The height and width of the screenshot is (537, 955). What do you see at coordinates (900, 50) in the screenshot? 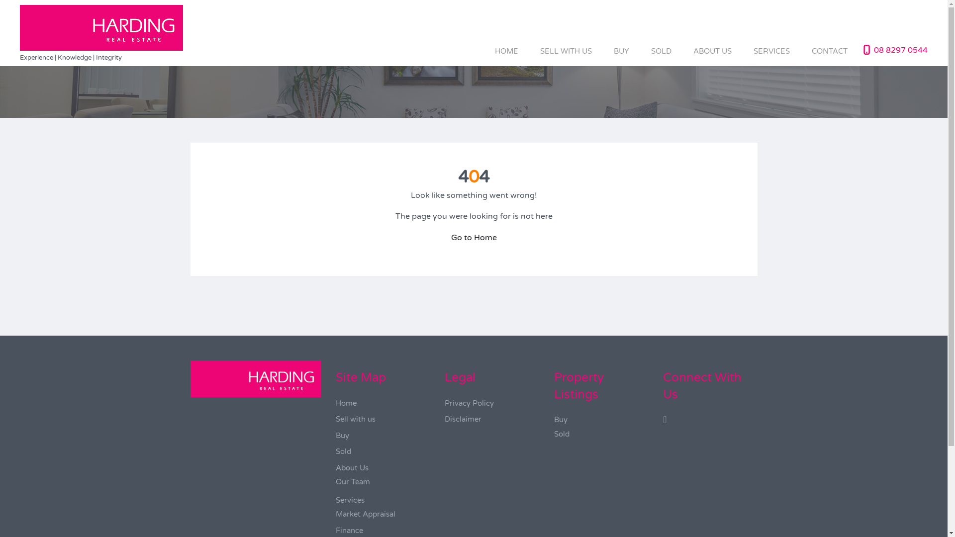
I see `'08 8297 0544'` at bounding box center [900, 50].